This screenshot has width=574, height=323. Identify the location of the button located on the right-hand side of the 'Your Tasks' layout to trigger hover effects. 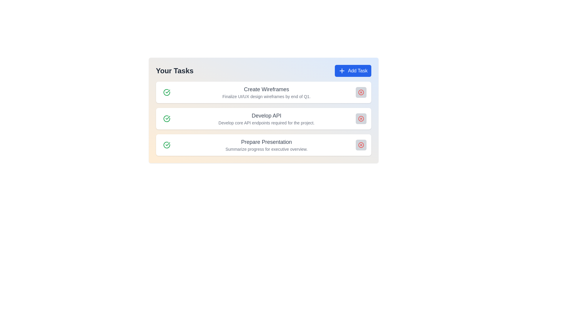
(353, 70).